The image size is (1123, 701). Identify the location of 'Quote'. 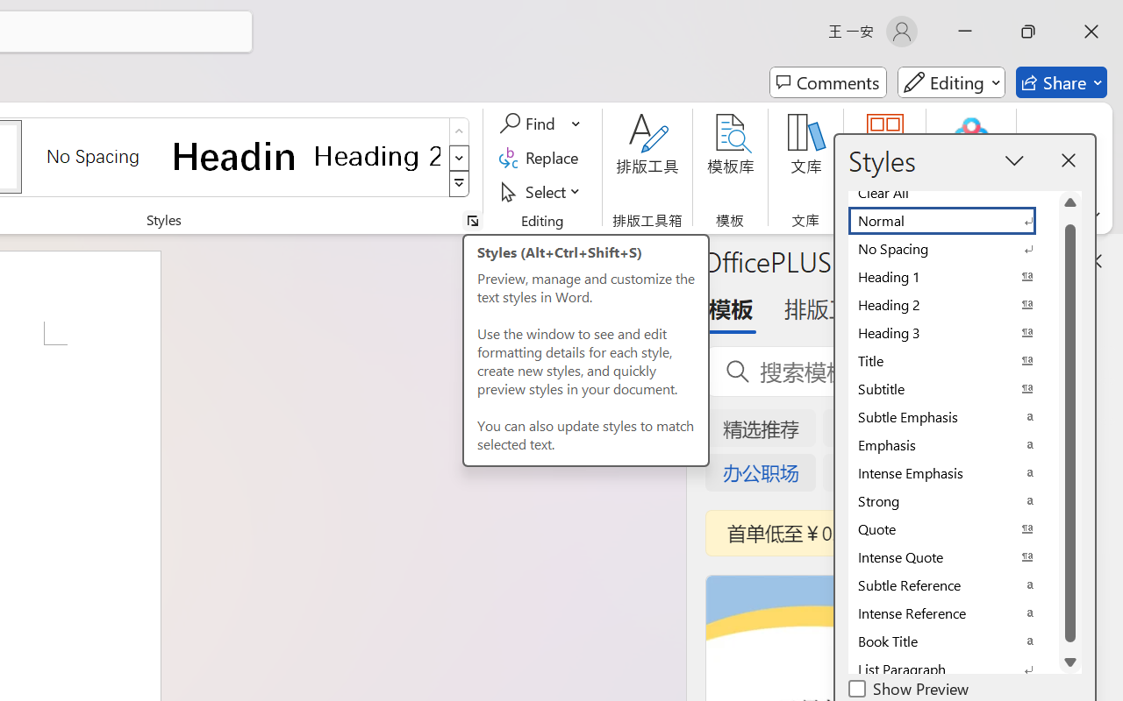
(952, 529).